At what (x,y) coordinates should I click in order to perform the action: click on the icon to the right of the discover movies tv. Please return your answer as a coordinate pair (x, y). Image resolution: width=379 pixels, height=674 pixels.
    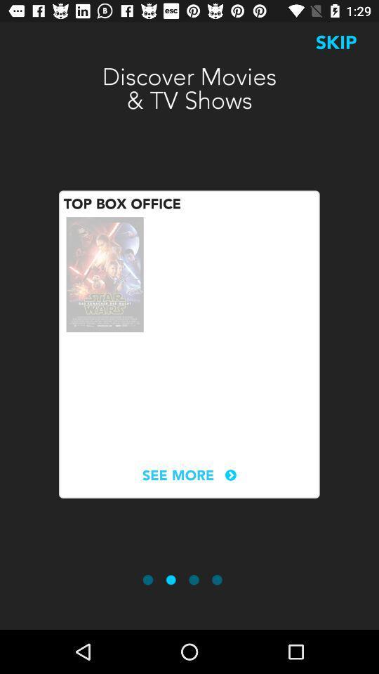
    Looking at the image, I should click on (335, 41).